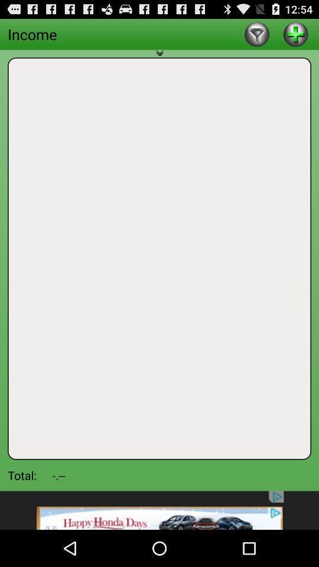  What do you see at coordinates (295, 33) in the screenshot?
I see `item` at bounding box center [295, 33].